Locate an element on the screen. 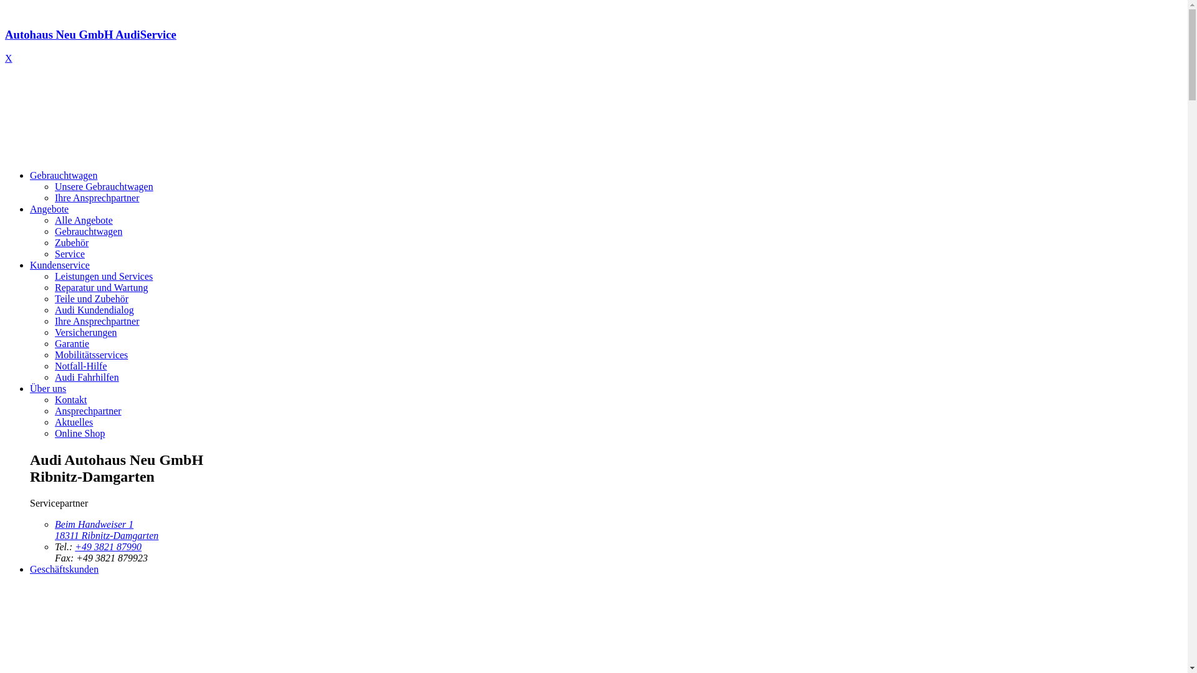 Image resolution: width=1197 pixels, height=673 pixels. 'Audi Kundendialog' is located at coordinates (54, 309).